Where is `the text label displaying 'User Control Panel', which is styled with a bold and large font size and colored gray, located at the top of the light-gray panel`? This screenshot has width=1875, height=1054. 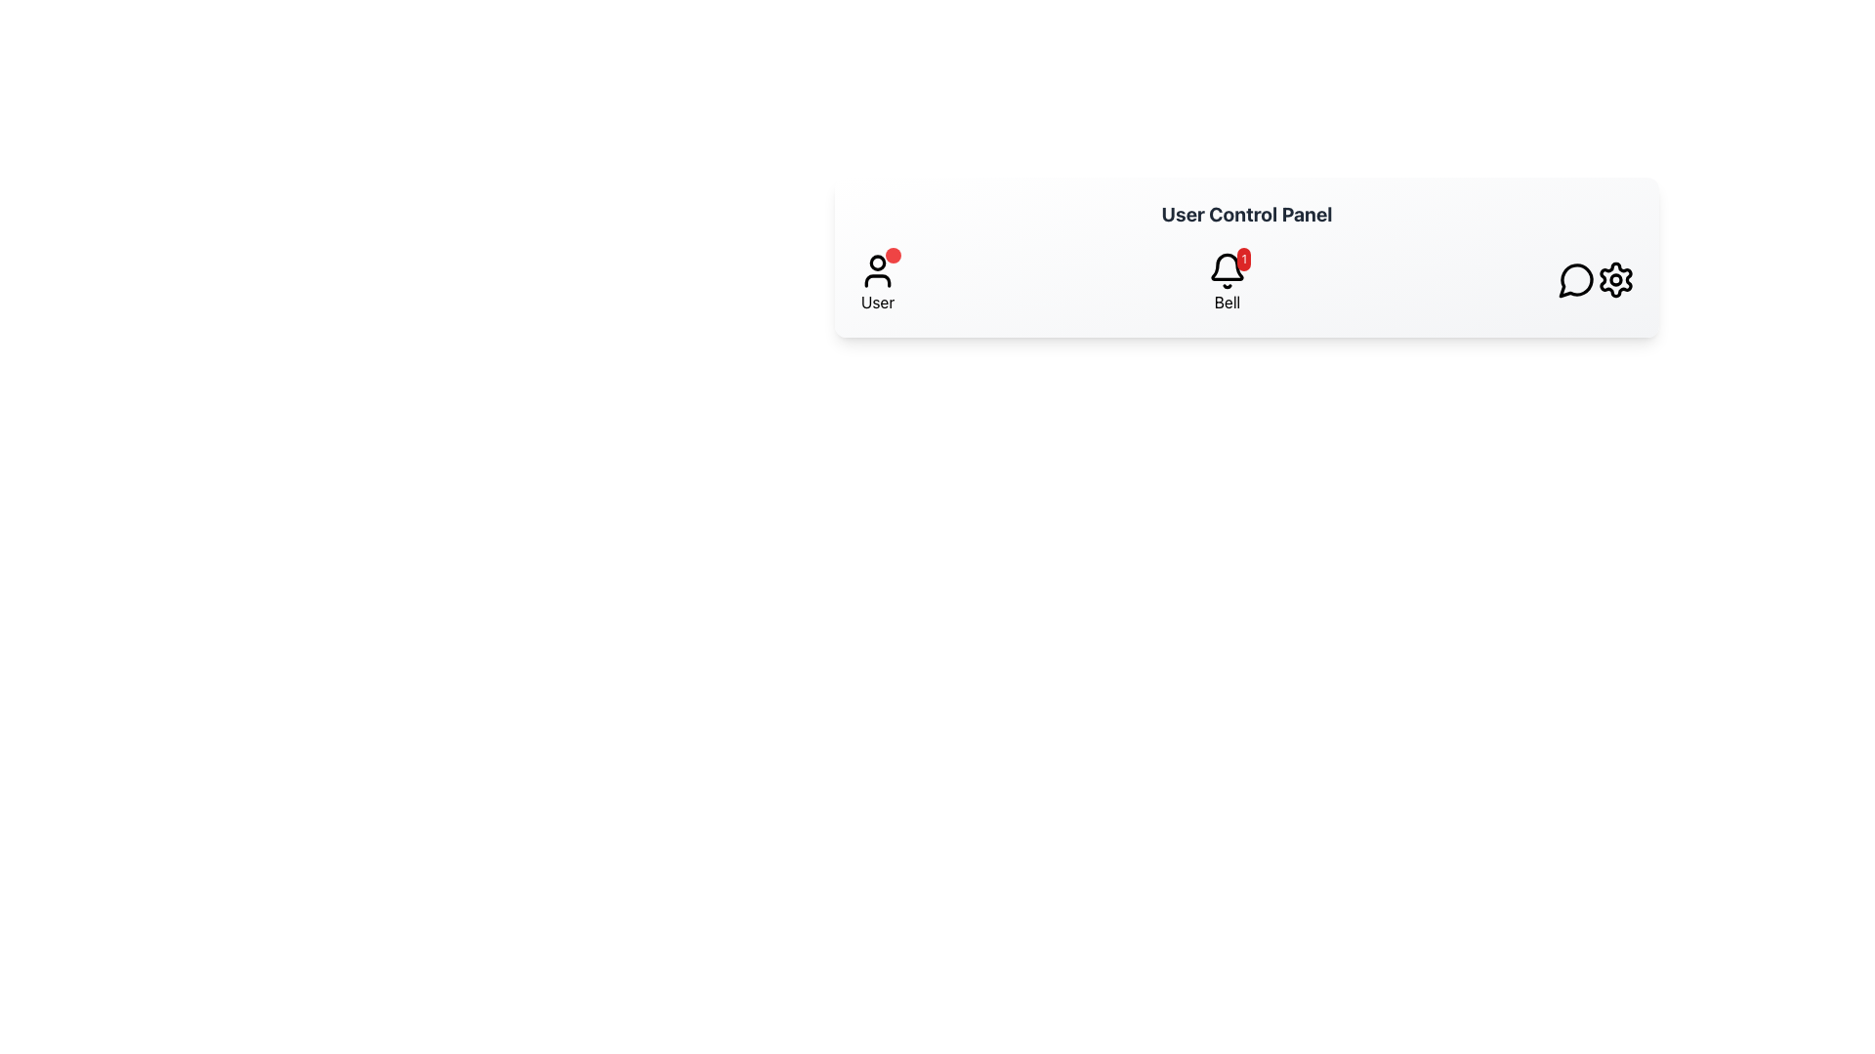
the text label displaying 'User Control Panel', which is styled with a bold and large font size and colored gray, located at the top of the light-gray panel is located at coordinates (1245, 214).